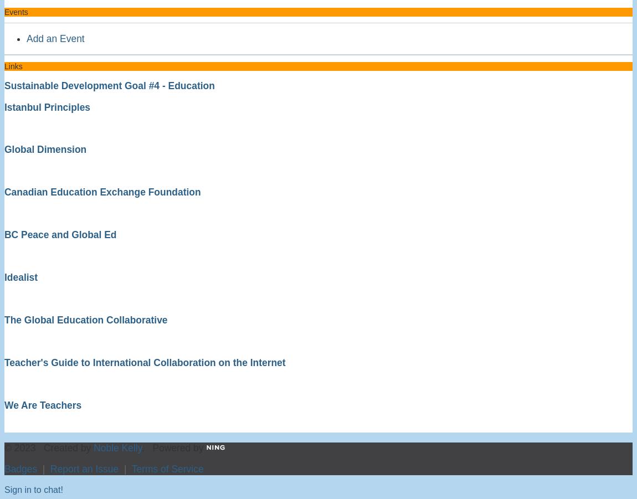  Describe the element at coordinates (172, 447) in the screenshot. I see `'.             
    Powered by'` at that location.